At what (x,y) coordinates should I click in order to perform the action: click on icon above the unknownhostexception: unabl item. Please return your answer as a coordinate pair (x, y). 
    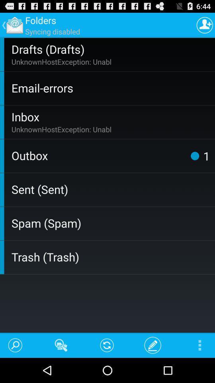
    Looking at the image, I should click on (111, 48).